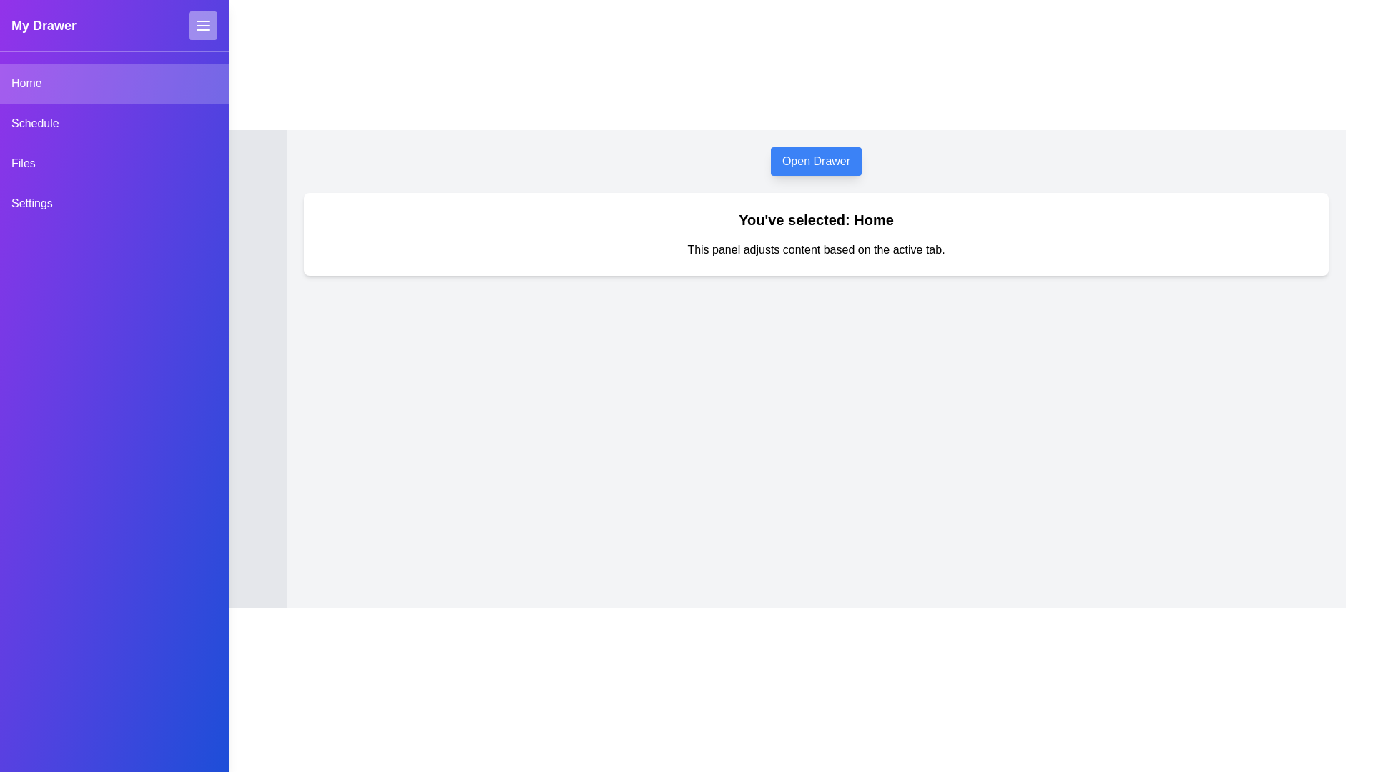  I want to click on the Settings tab from the drawer menu, so click(113, 204).